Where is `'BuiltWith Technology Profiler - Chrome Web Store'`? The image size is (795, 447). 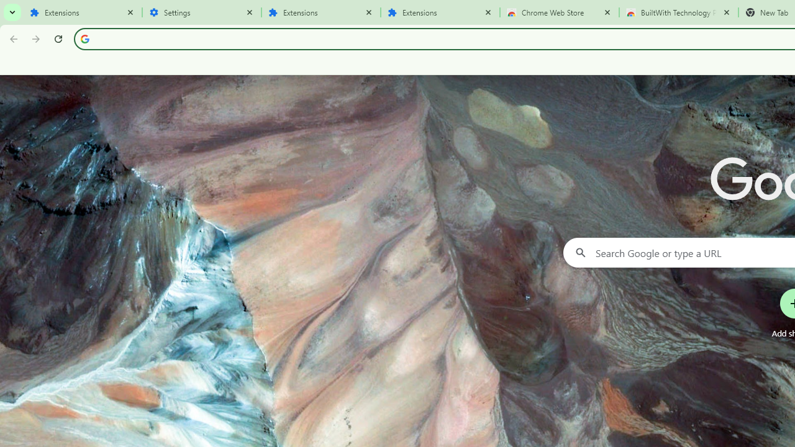 'BuiltWith Technology Profiler - Chrome Web Store' is located at coordinates (678, 12).